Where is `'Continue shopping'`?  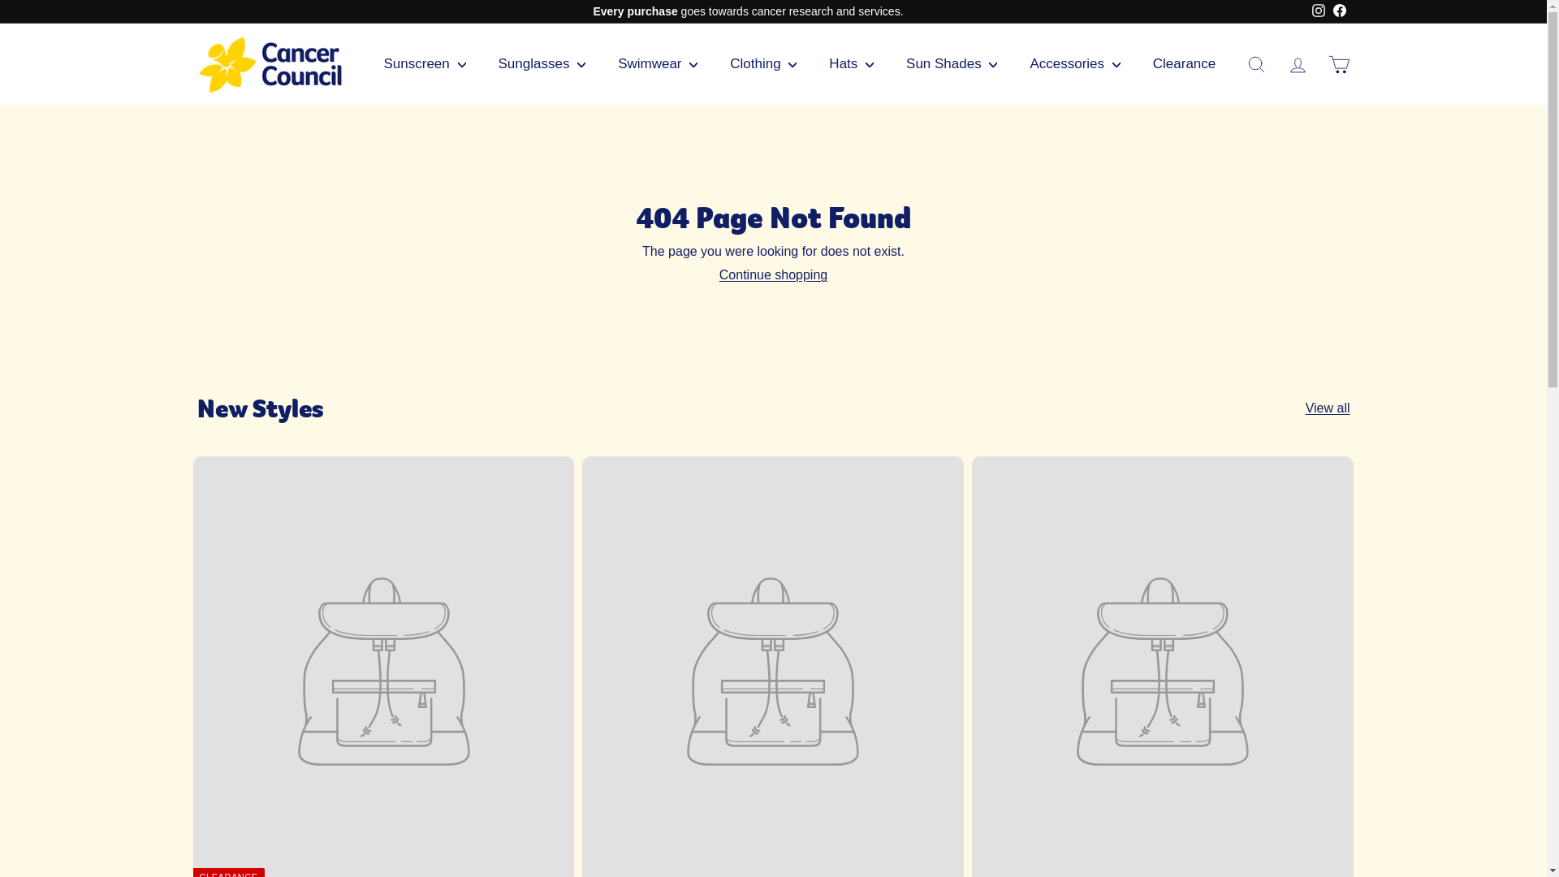 'Continue shopping' is located at coordinates (719, 274).